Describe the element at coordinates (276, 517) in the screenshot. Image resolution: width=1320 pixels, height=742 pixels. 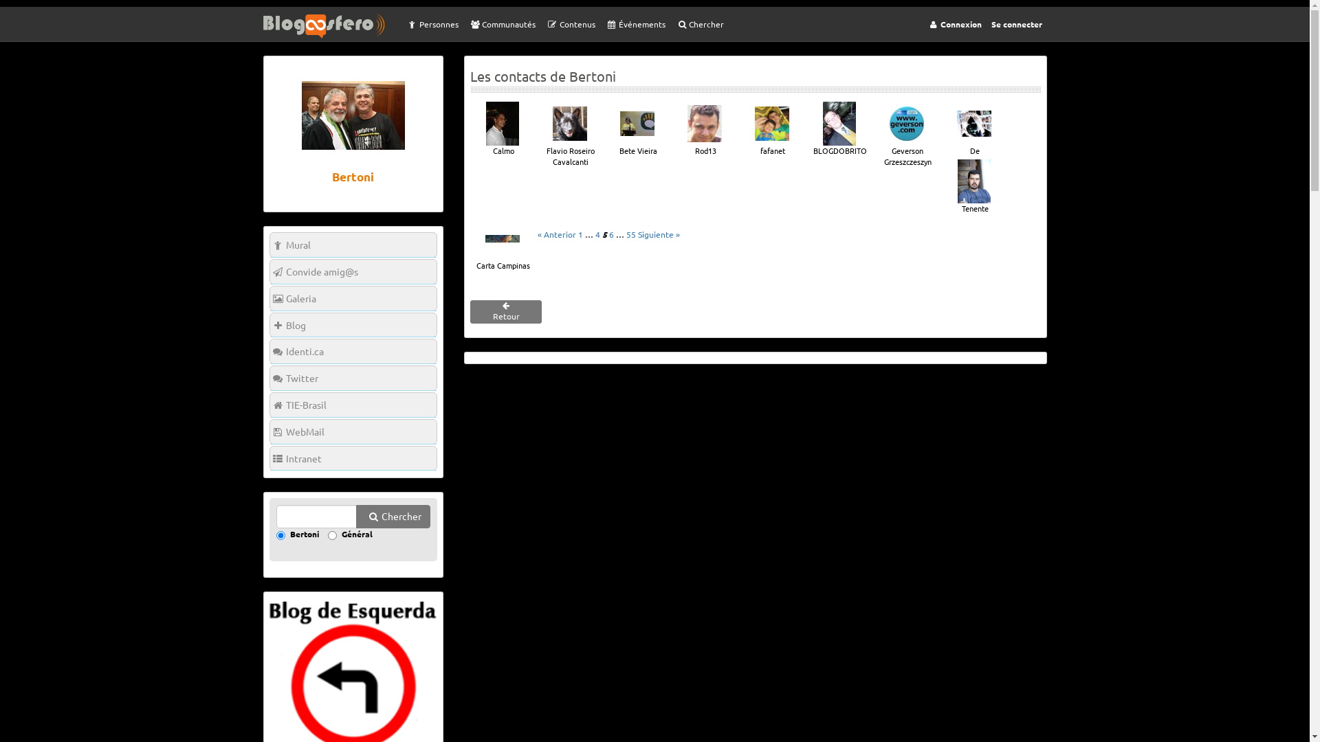
I see `'Trouver dans le contenu de Bertoni'` at that location.